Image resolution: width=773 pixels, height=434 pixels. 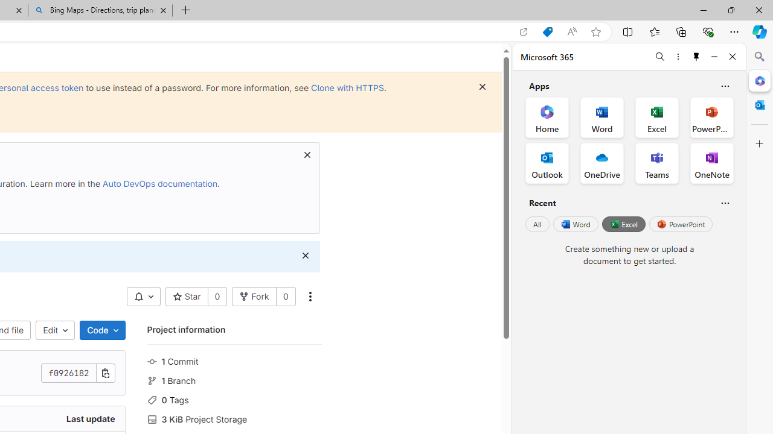 I want to click on '3 KiB Project Storage', so click(x=234, y=417).